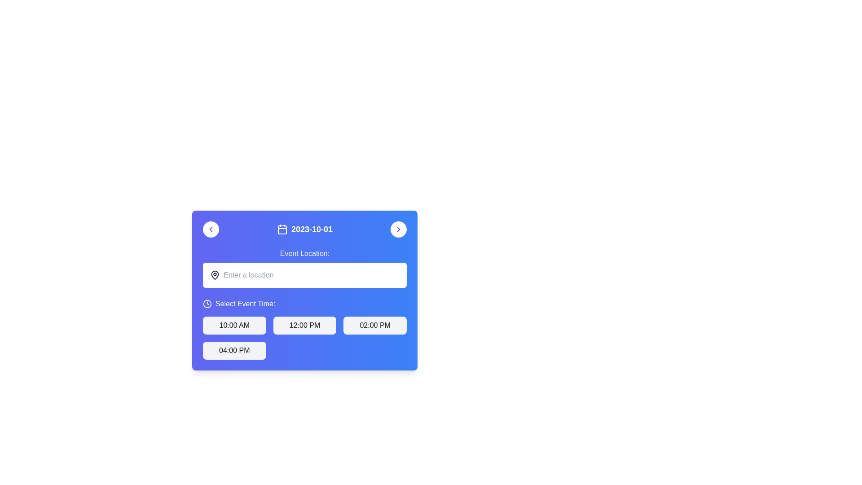 The image size is (862, 485). What do you see at coordinates (211, 229) in the screenshot?
I see `the circular button with a chevron icon pointing to the left, which is visually distinct with a white background and positioned adjacent to the displayed date '2023-10-01' to trigger a hover effect` at bounding box center [211, 229].